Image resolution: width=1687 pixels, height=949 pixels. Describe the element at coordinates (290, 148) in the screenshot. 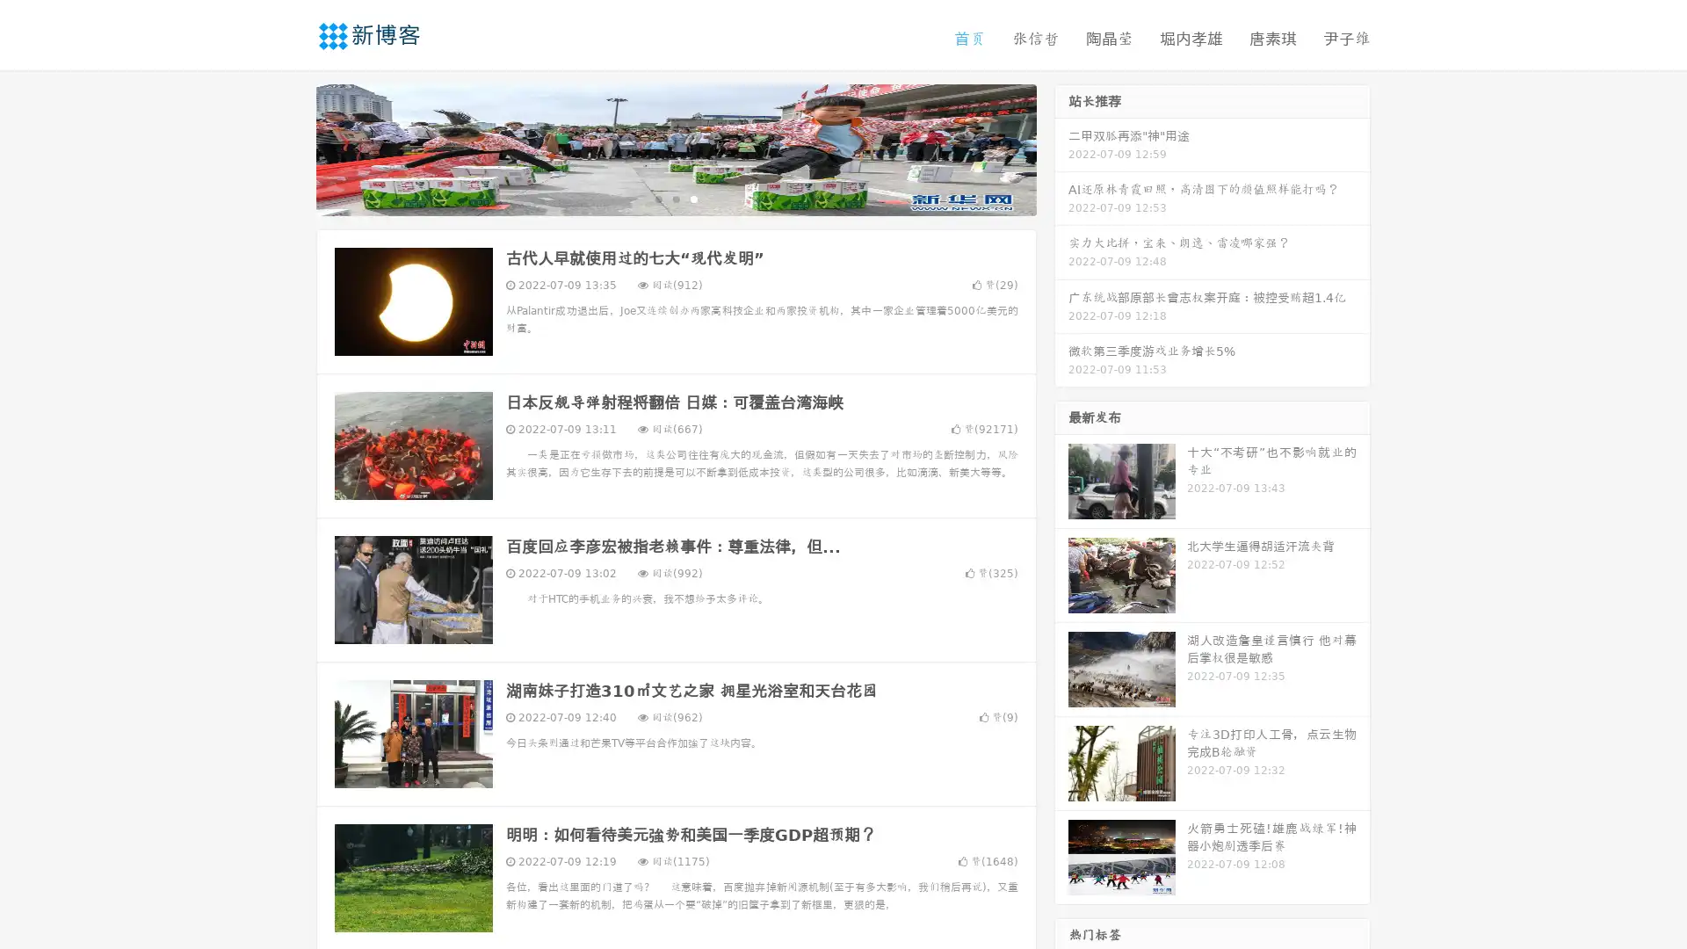

I see `Previous slide` at that location.